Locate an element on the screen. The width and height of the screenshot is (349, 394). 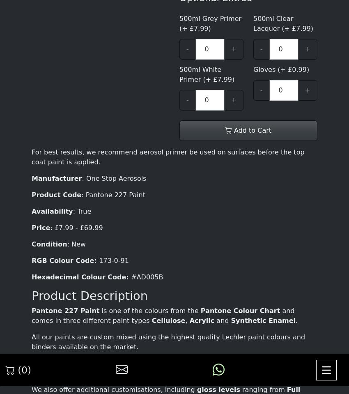
'Friday : 09:00 - 17:00' is located at coordinates (100, 307).